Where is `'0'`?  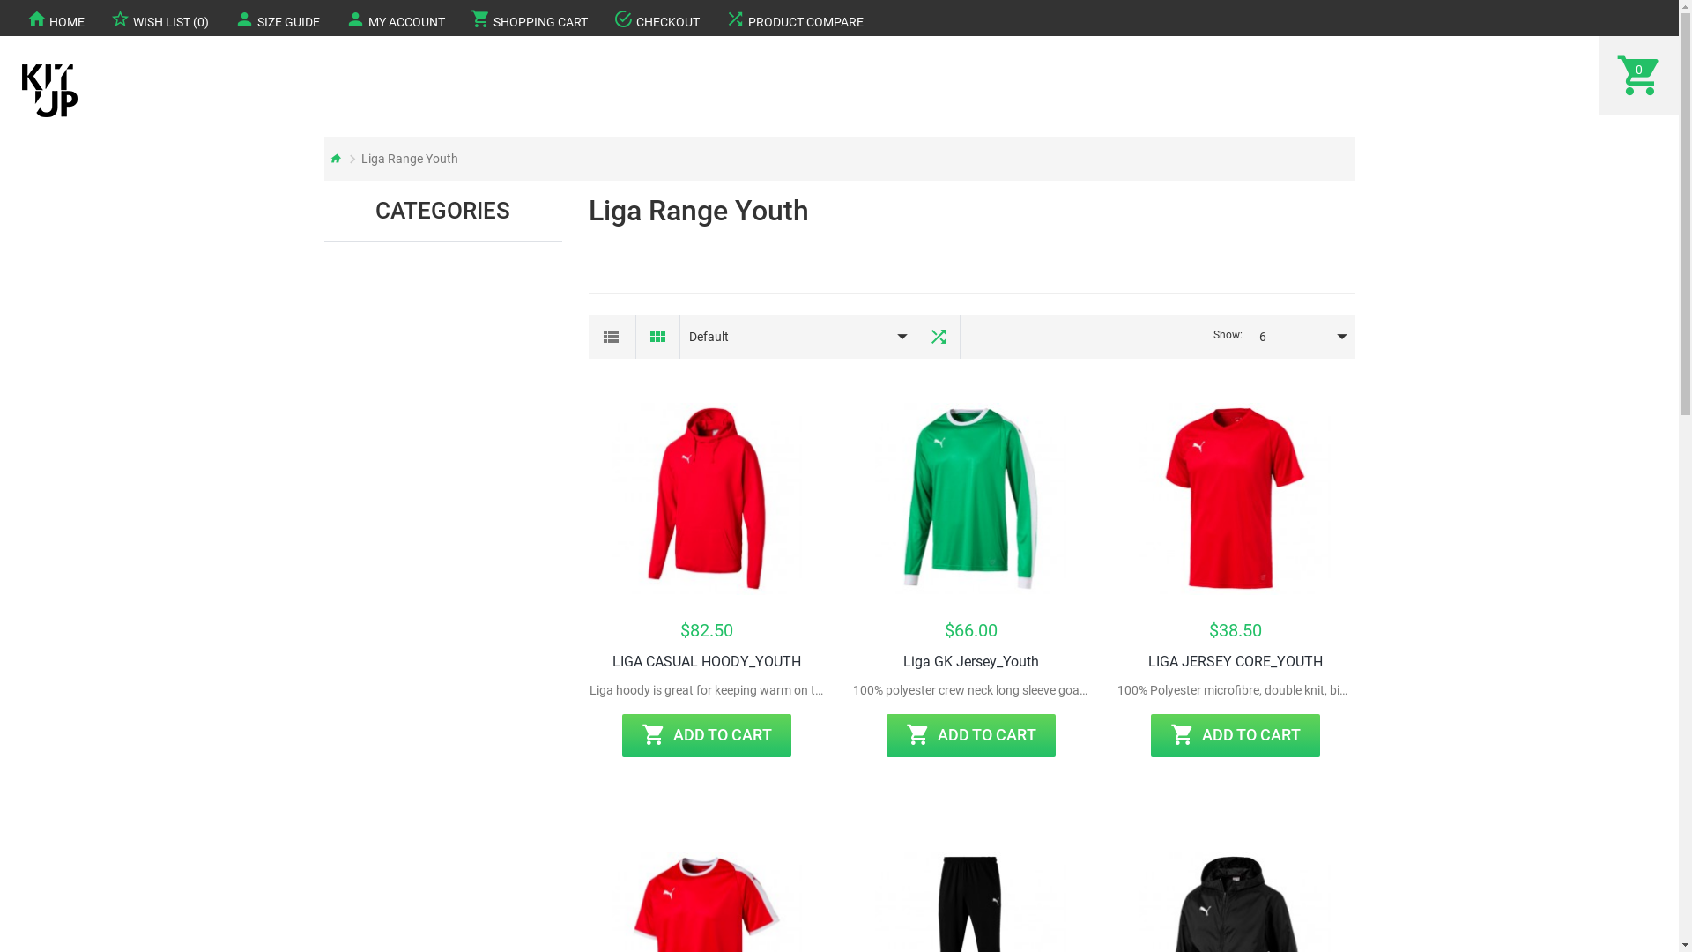 '0' is located at coordinates (1638, 74).